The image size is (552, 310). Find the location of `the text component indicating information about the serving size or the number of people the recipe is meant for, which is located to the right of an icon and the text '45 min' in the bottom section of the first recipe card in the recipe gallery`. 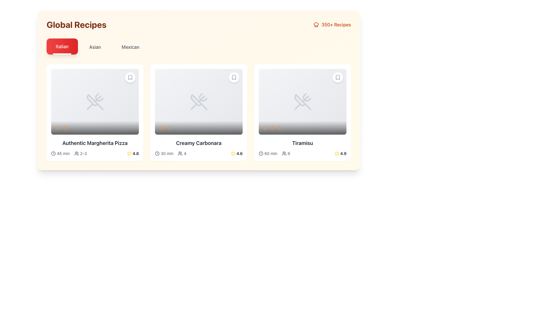

the text component indicating information about the serving size or the number of people the recipe is meant for, which is located to the right of an icon and the text '45 min' in the bottom section of the first recipe card in the recipe gallery is located at coordinates (80, 153).